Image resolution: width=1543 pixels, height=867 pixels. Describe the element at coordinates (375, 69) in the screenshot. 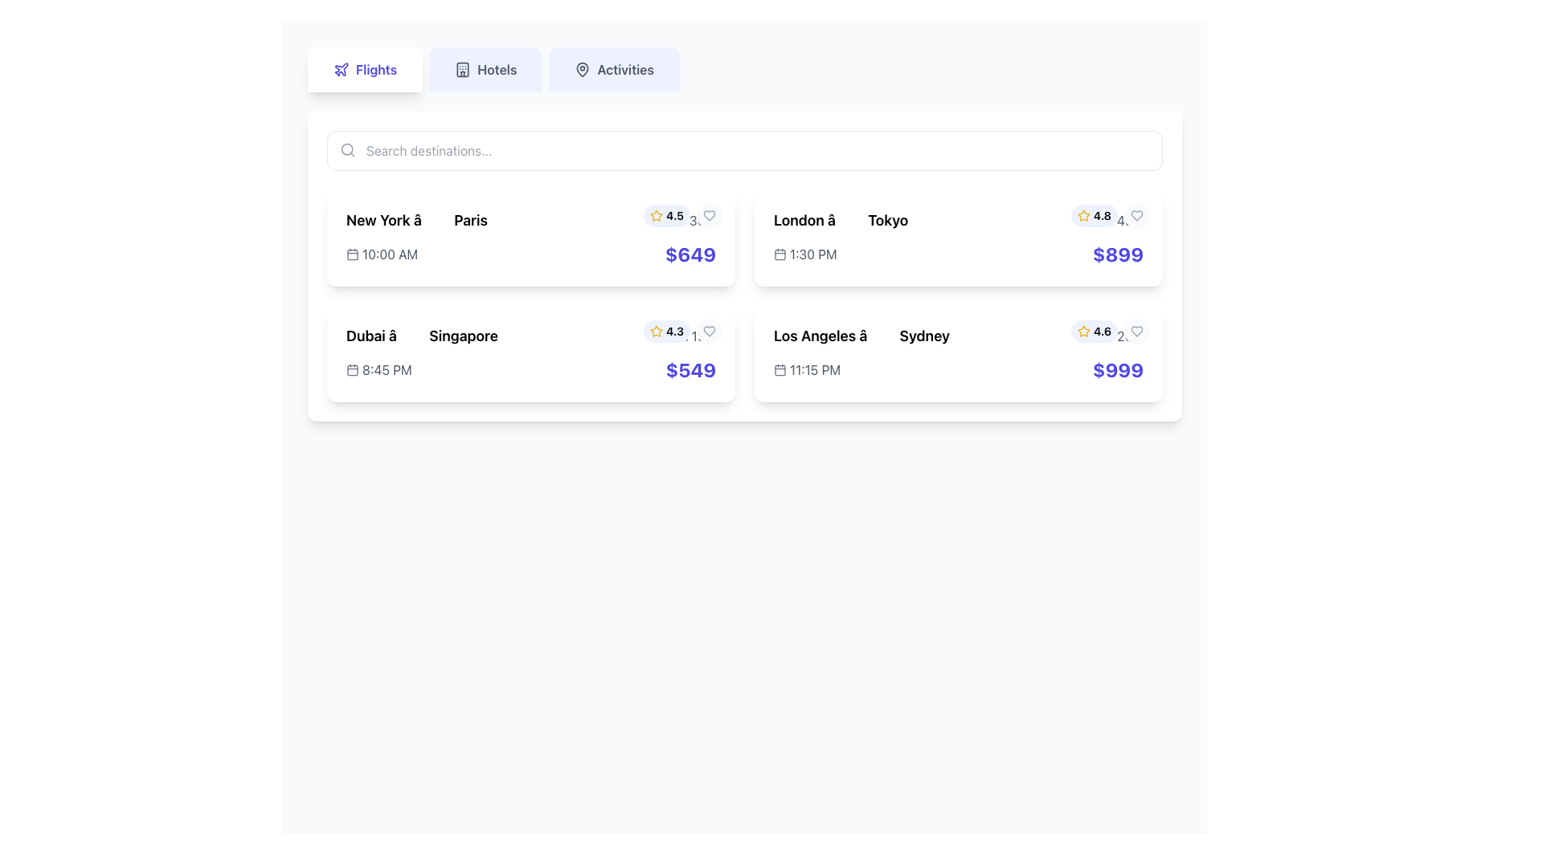

I see `the 'Flights' text label within the first tab of the navigation menu` at that location.